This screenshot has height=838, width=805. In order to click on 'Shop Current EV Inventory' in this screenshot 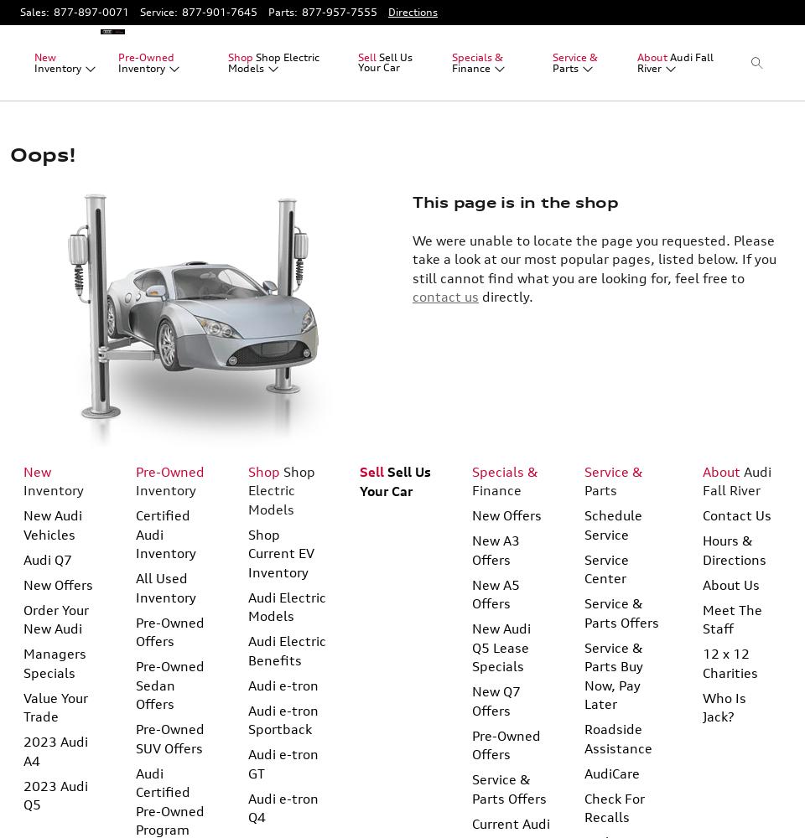, I will do `click(280, 552)`.